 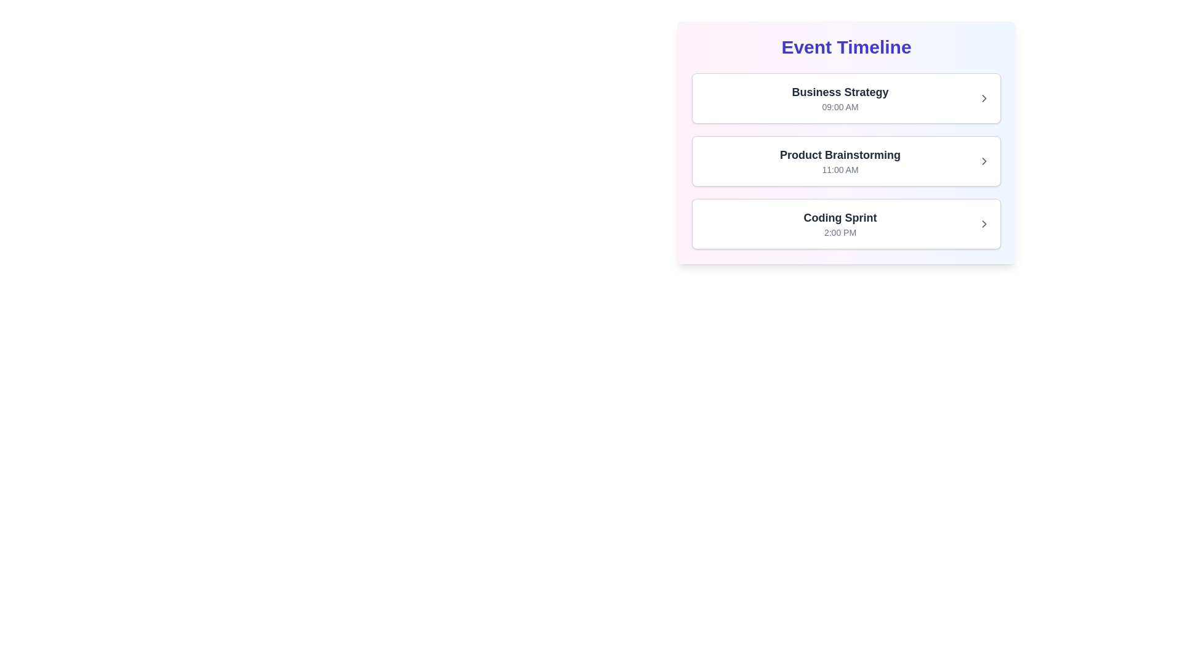 What do you see at coordinates (845, 161) in the screenshot?
I see `the second card labeled 'Product Brainstorming' in the 'Event Timeline' section` at bounding box center [845, 161].